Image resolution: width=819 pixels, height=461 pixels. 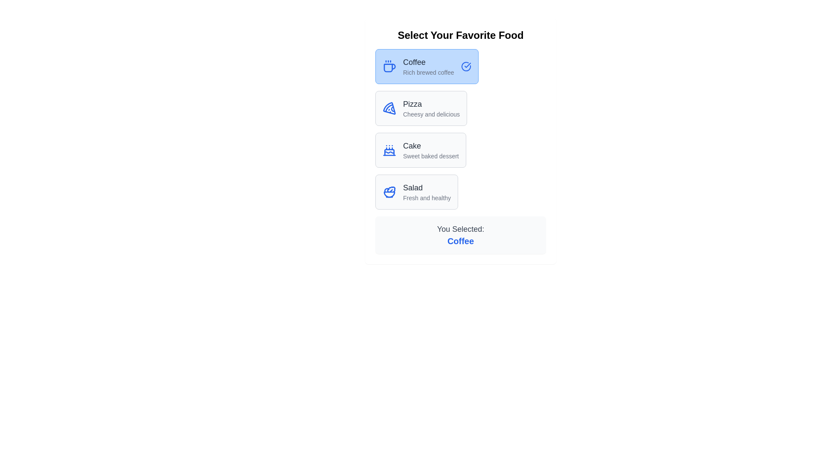 What do you see at coordinates (460, 228) in the screenshot?
I see `the introductory Text label located near the center-bottom of the interface, which precedes the bold, blue-colored text element reading 'Coffee.'` at bounding box center [460, 228].